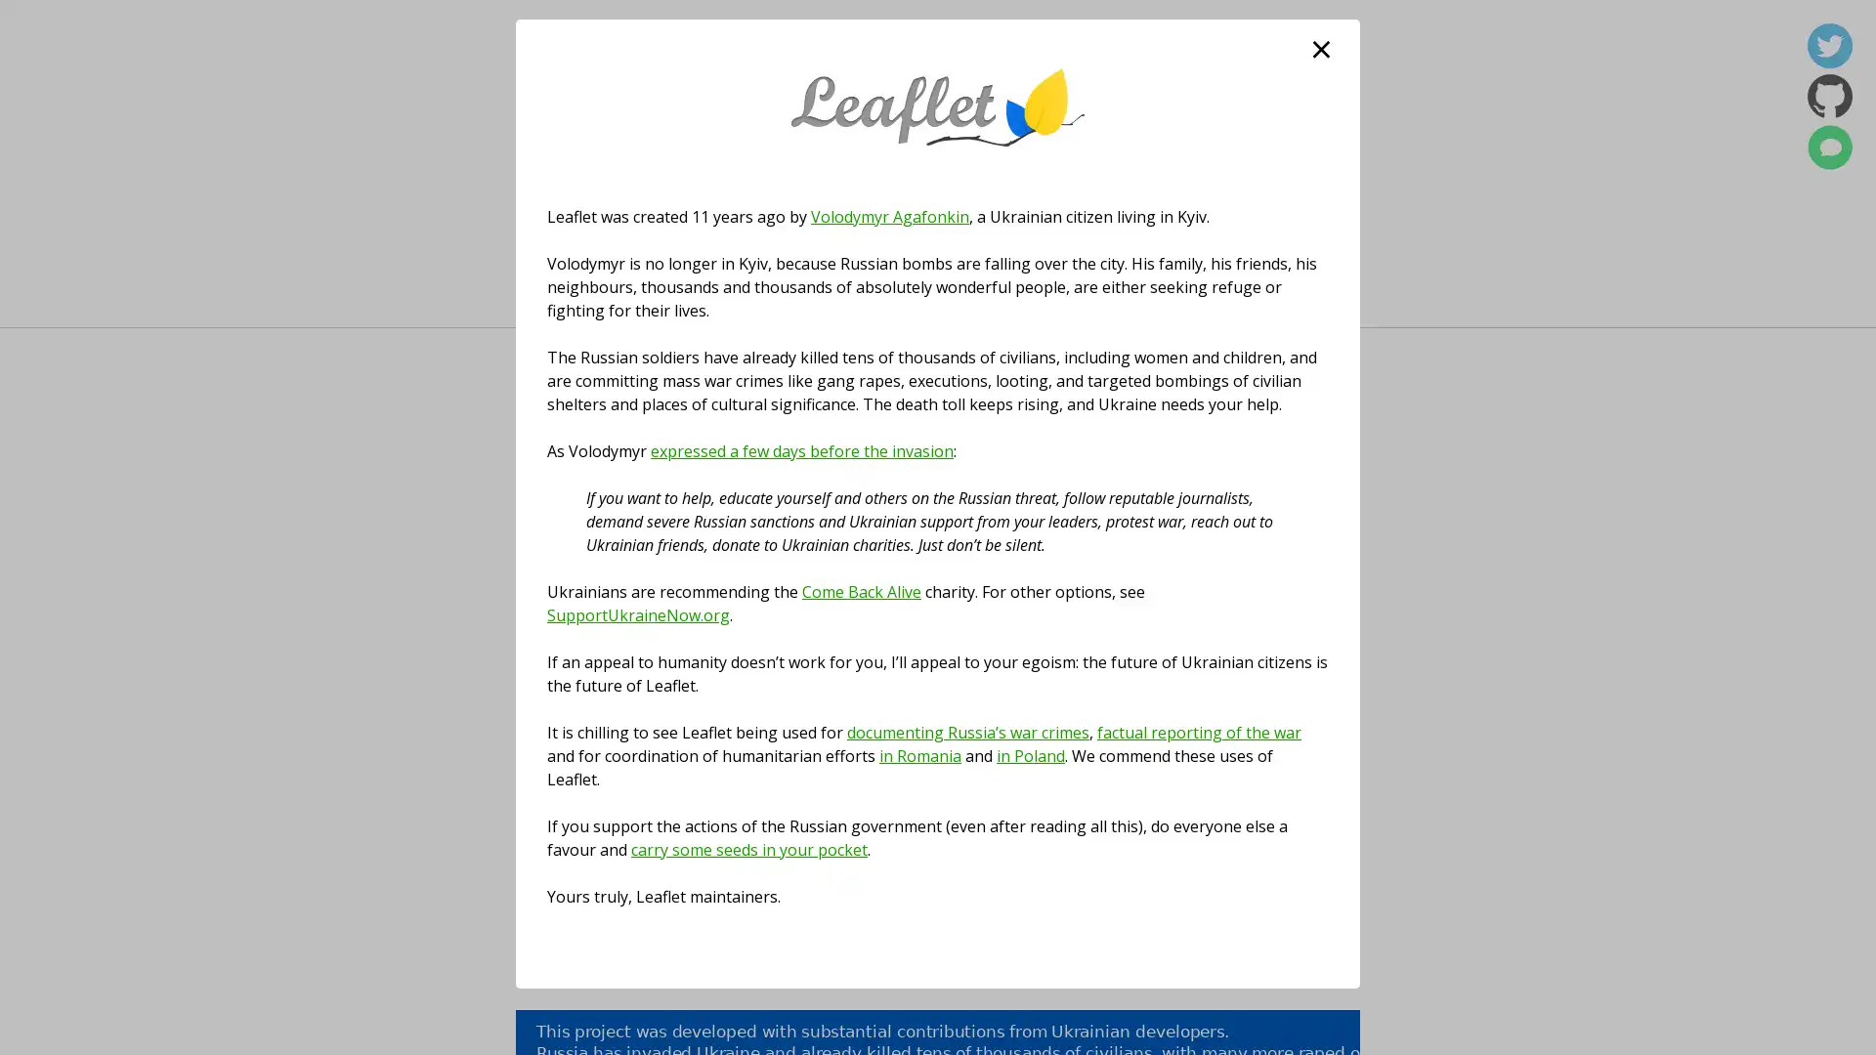 Image resolution: width=1876 pixels, height=1055 pixels. What do you see at coordinates (1321, 48) in the screenshot?
I see `close` at bounding box center [1321, 48].